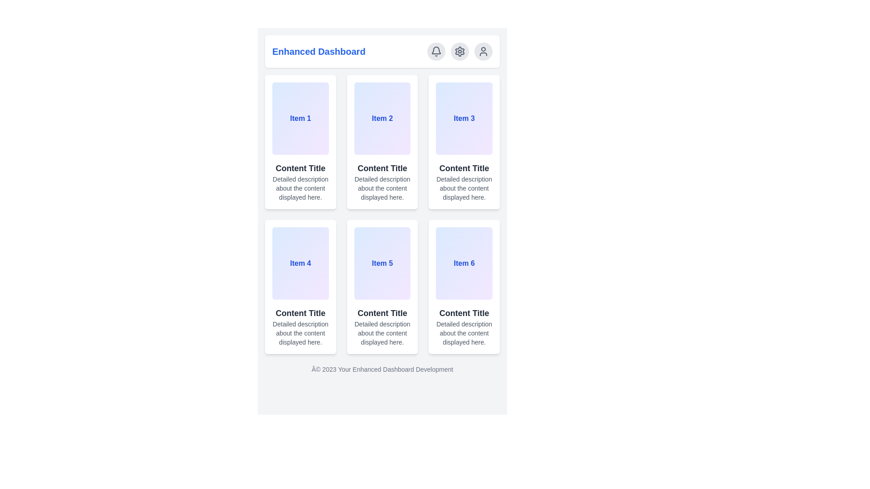 The image size is (870, 489). Describe the element at coordinates (300, 168) in the screenshot. I see `text label positioned centrally in the top-left card of the grid layout, located below the title 'Item 1' and above the descriptive paragraph` at that location.